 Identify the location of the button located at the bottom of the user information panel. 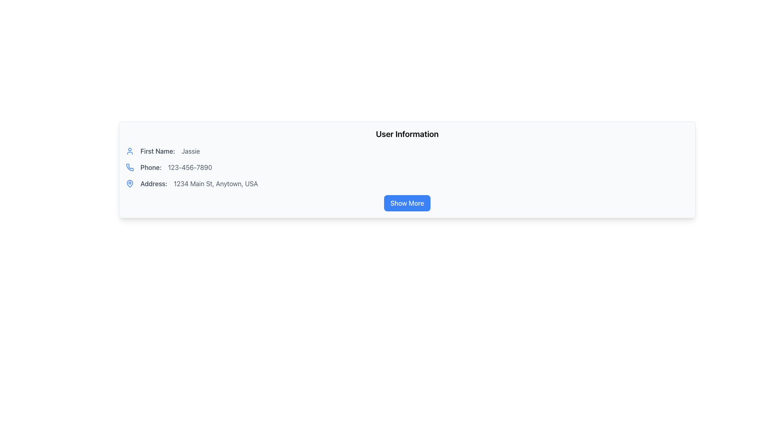
(407, 203).